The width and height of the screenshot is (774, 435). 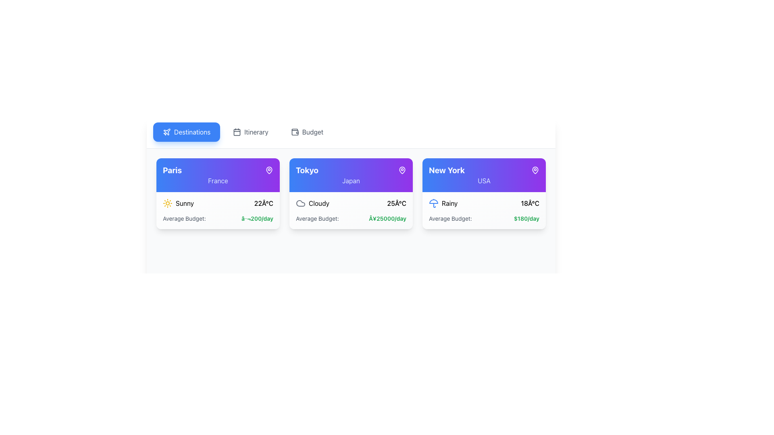 I want to click on the budget icon located in the header section, so click(x=294, y=132).